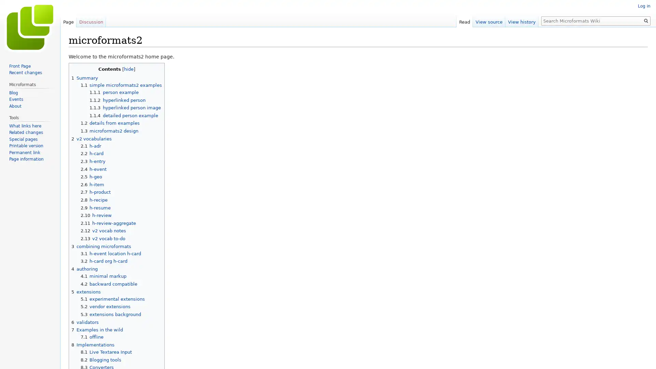 The width and height of the screenshot is (656, 369). Describe the element at coordinates (646, 20) in the screenshot. I see `Go` at that location.